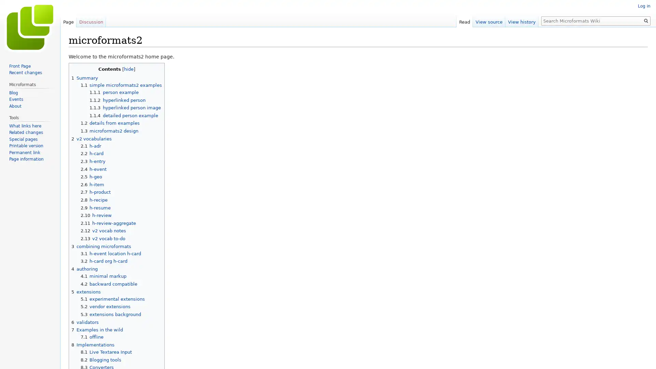 The width and height of the screenshot is (656, 369). Describe the element at coordinates (646, 20) in the screenshot. I see `Go` at that location.